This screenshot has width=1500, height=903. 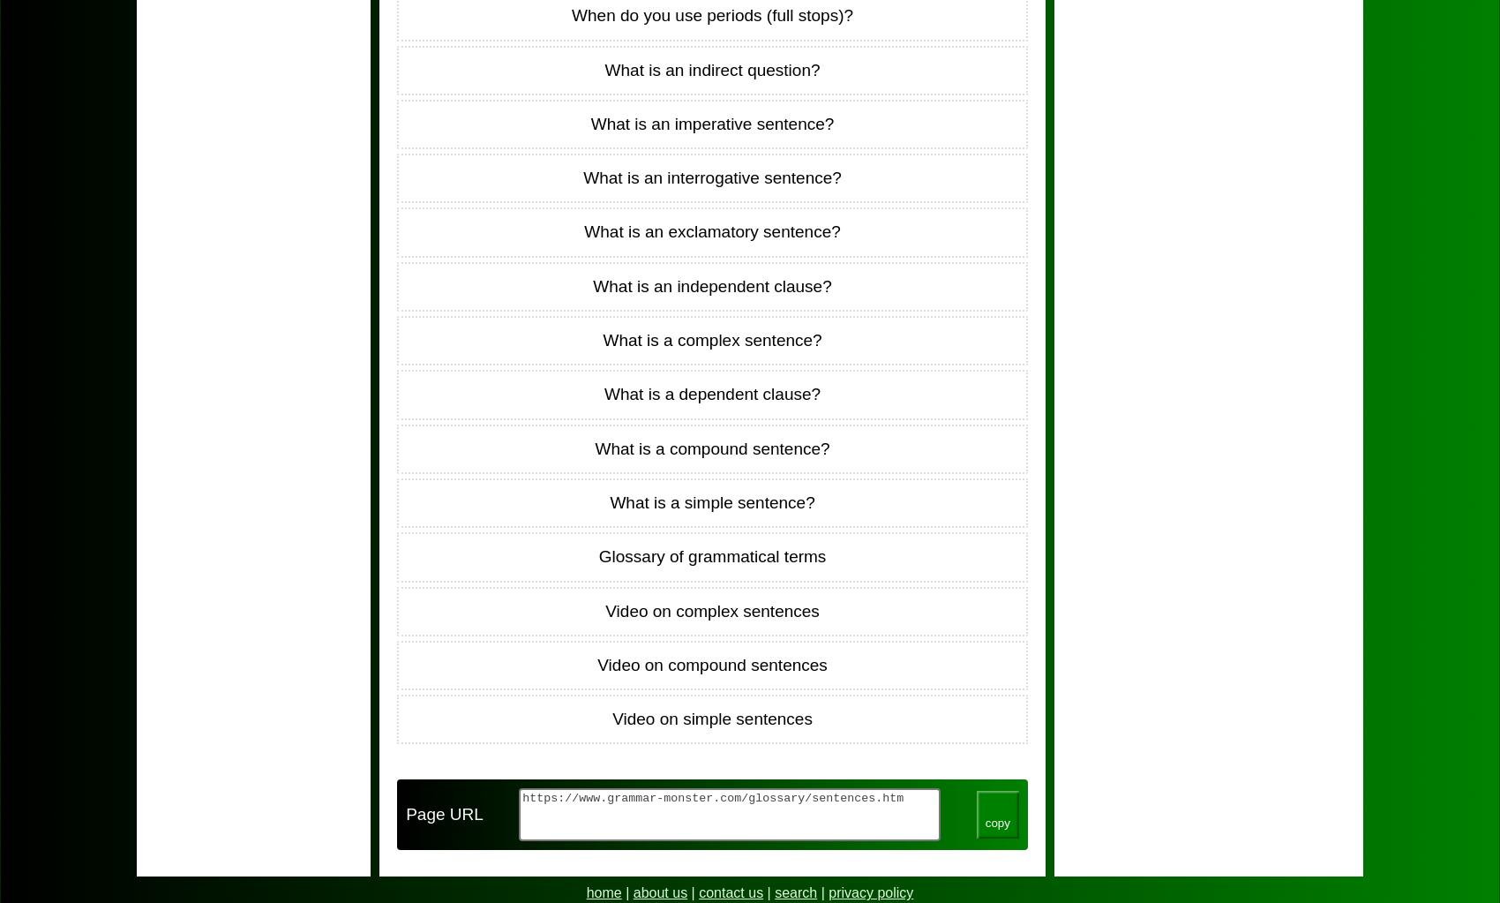 I want to click on 'What is a dependent clause?', so click(x=711, y=393).